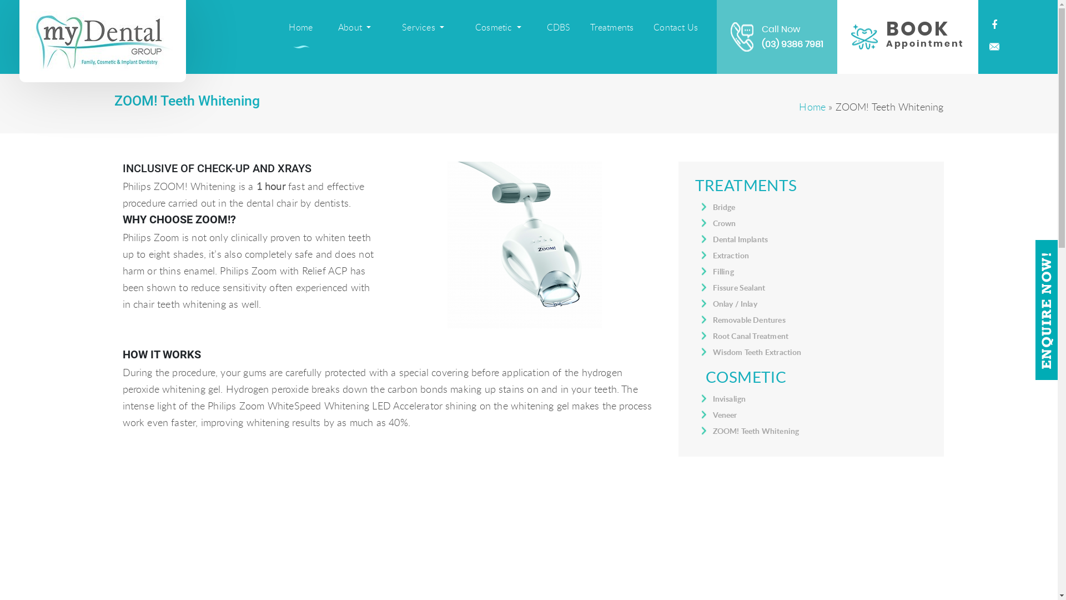  What do you see at coordinates (994, 47) in the screenshot?
I see `'mail'` at bounding box center [994, 47].